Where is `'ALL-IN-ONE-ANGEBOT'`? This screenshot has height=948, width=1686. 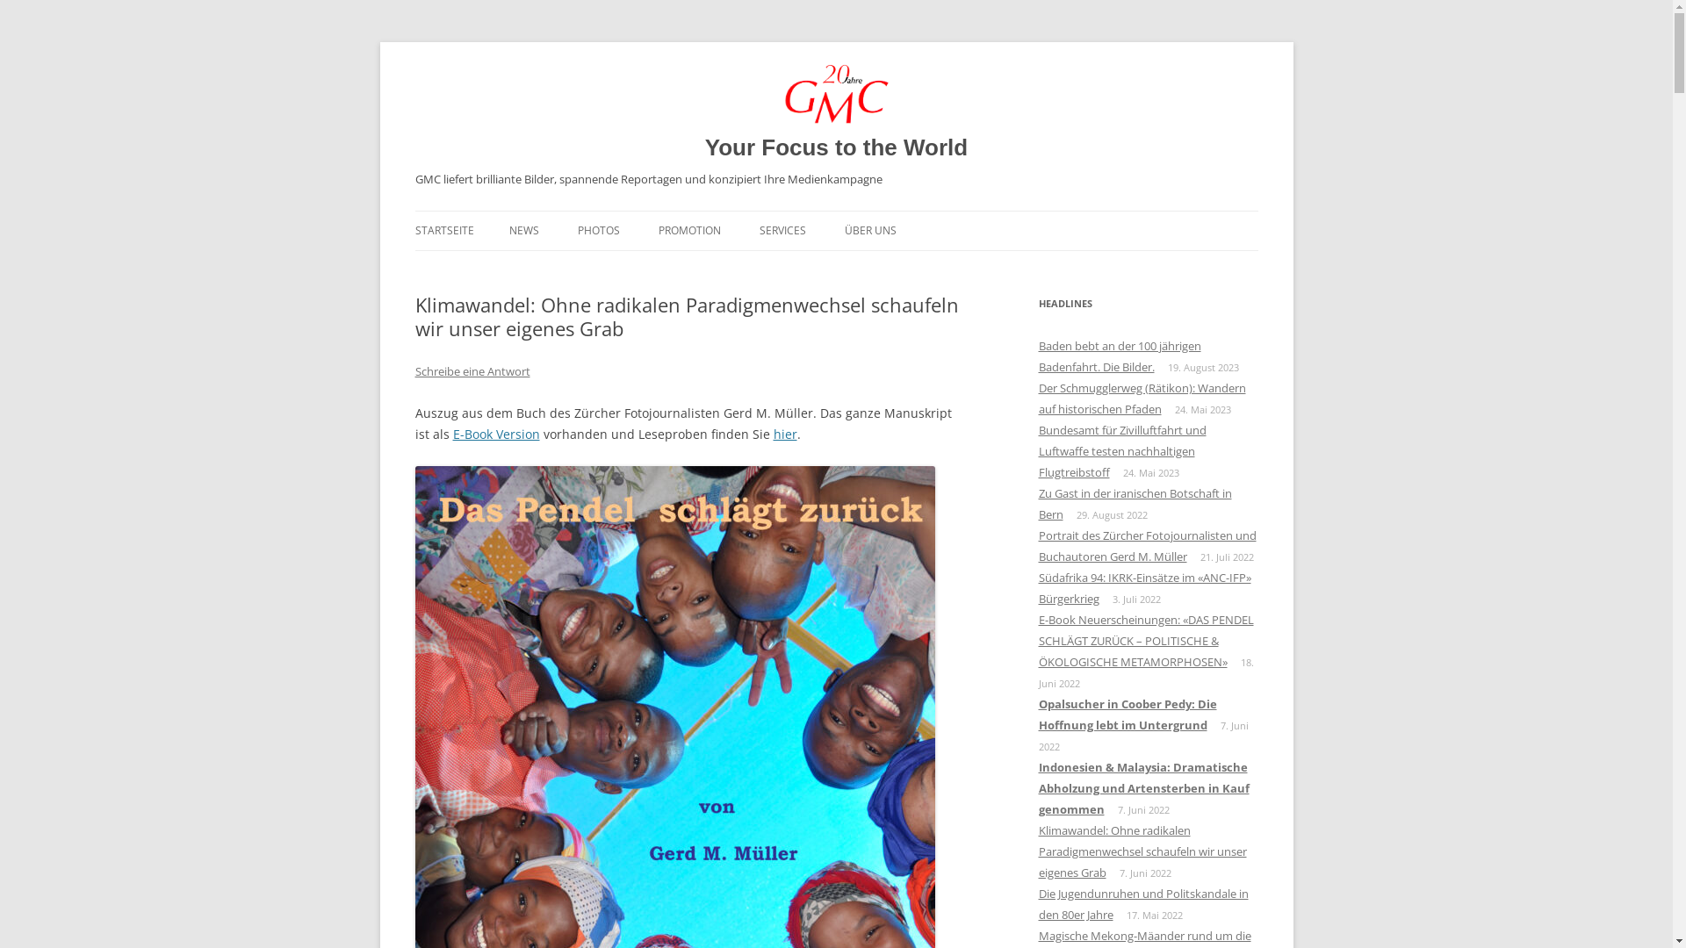 'ALL-IN-ONE-ANGEBOT' is located at coordinates (657, 268).